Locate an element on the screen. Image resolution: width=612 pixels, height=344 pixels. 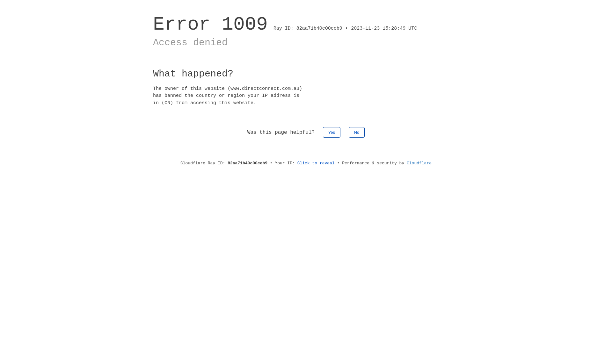
'No' is located at coordinates (356, 132).